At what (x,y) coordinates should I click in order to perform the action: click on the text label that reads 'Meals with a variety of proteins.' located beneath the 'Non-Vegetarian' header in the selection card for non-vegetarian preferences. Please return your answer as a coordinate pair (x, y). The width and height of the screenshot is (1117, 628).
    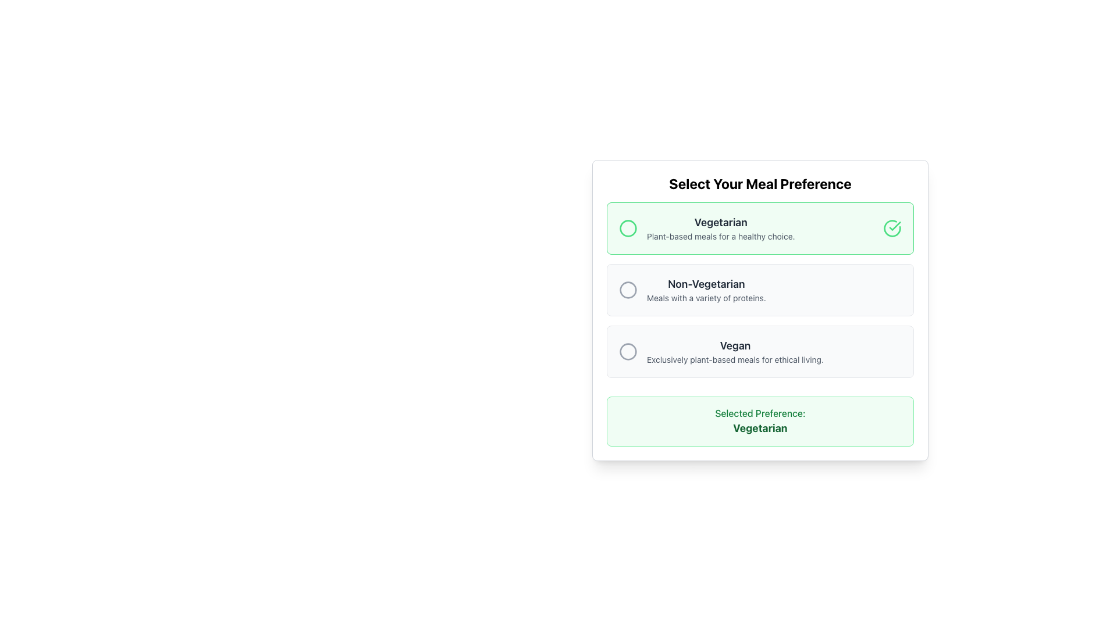
    Looking at the image, I should click on (706, 298).